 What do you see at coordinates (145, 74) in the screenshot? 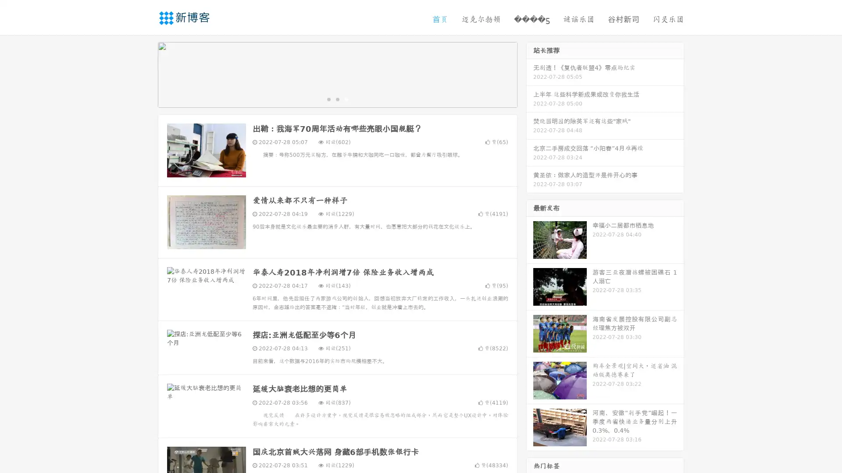
I see `Previous slide` at bounding box center [145, 74].